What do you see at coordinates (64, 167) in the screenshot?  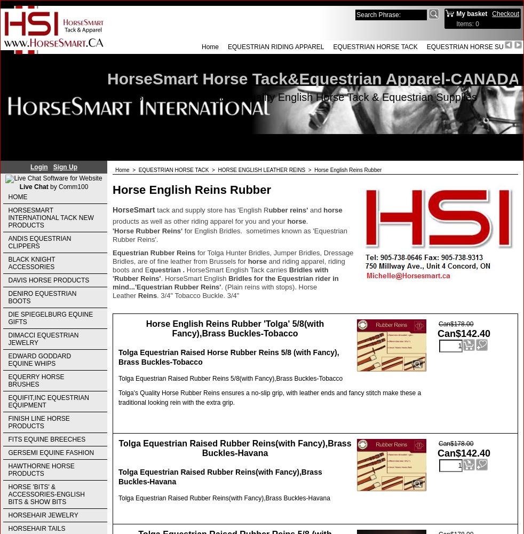 I see `'Sign Up'` at bounding box center [64, 167].